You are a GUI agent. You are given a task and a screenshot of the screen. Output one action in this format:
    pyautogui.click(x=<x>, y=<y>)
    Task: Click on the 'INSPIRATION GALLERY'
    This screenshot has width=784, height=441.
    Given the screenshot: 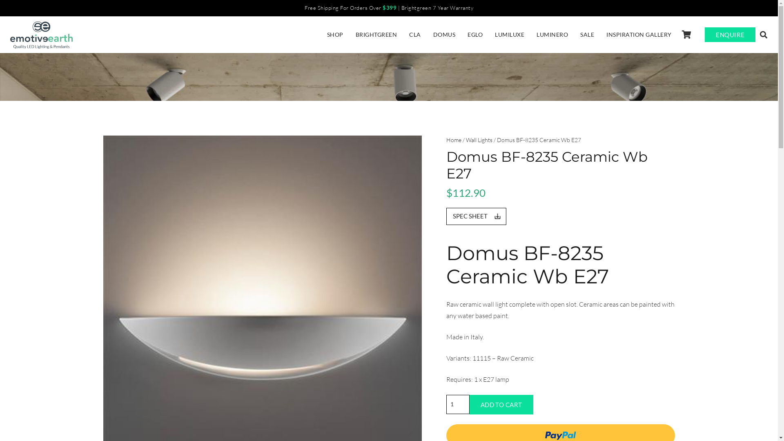 What is the action you would take?
    pyautogui.click(x=638, y=34)
    